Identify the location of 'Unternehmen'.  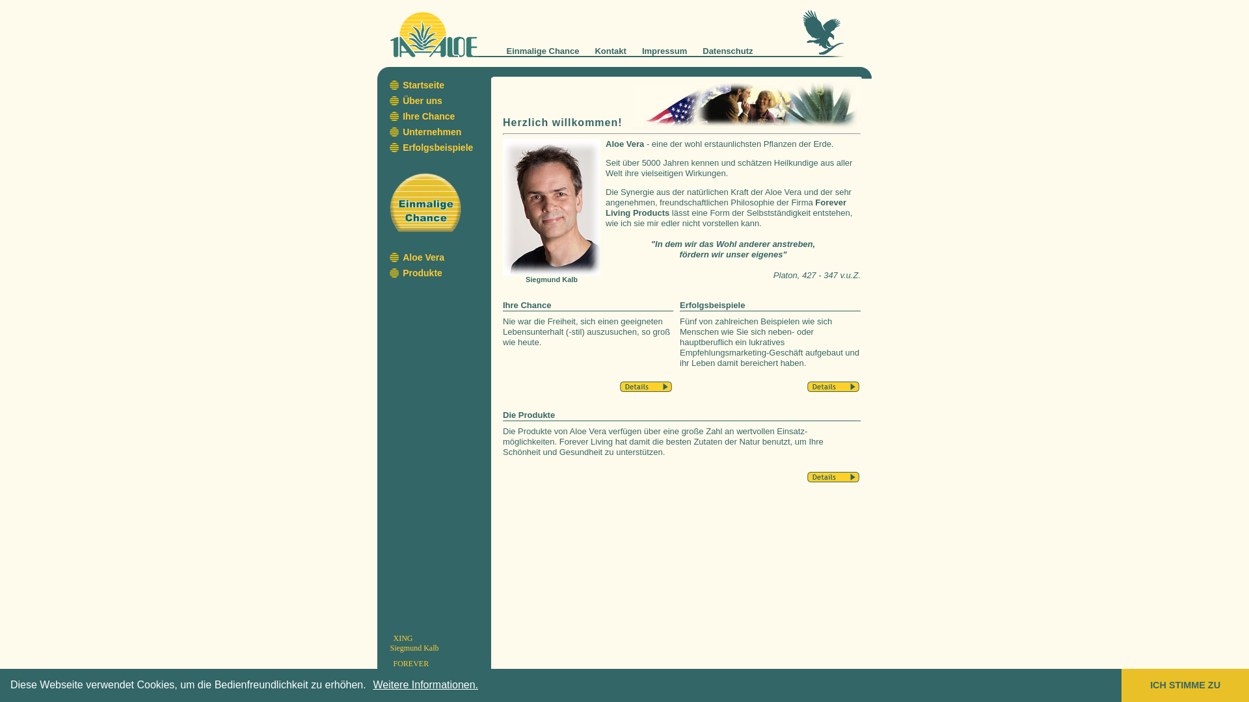
(431, 132).